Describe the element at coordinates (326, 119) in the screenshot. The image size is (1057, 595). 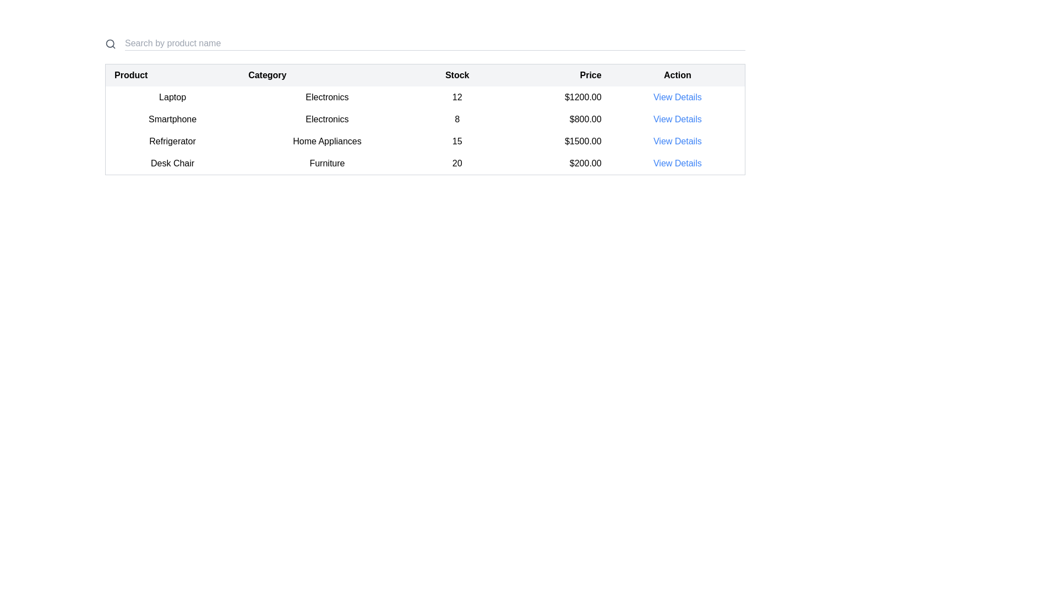
I see `displayed category from the static text label in the second column of the row for 'Smartphone', which provides information about the classification of the listed product` at that location.